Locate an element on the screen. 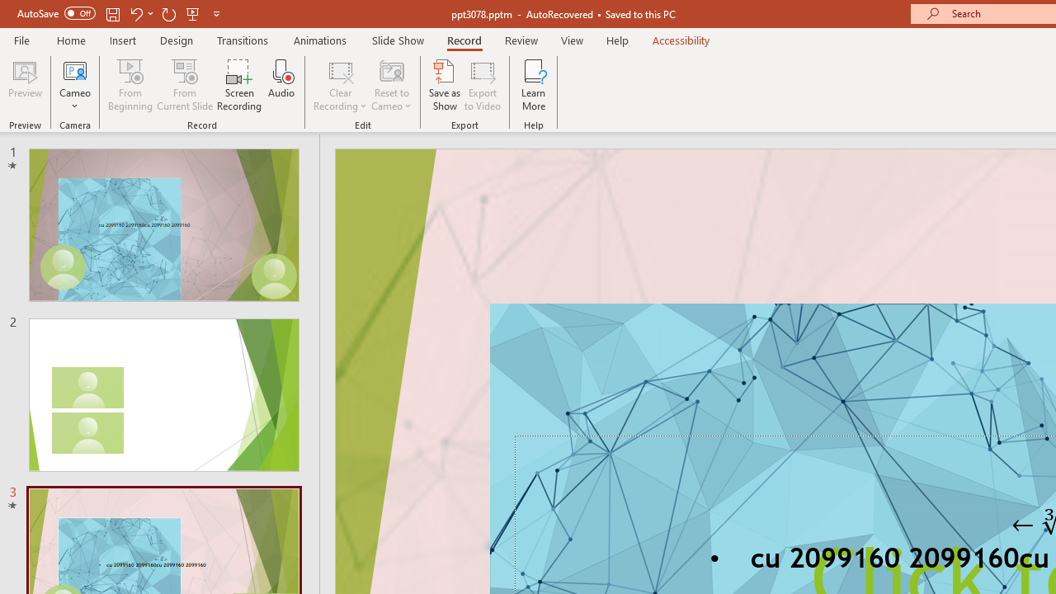  'Undo' is located at coordinates (135, 13).